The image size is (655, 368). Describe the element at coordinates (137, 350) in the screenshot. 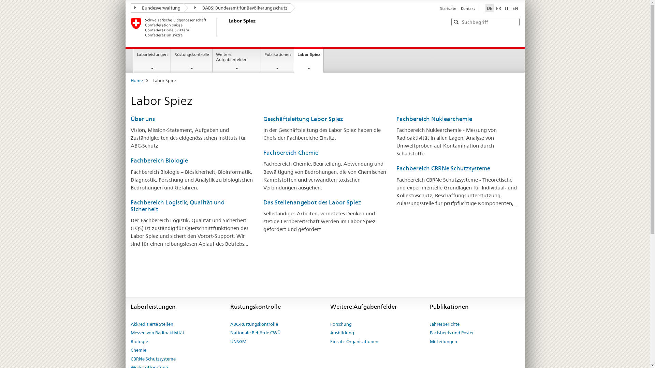

I see `'Chemie'` at that location.